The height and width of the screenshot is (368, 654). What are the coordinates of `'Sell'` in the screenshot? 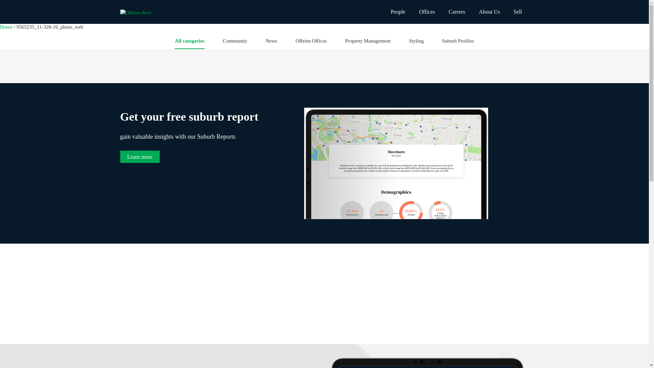 It's located at (518, 12).